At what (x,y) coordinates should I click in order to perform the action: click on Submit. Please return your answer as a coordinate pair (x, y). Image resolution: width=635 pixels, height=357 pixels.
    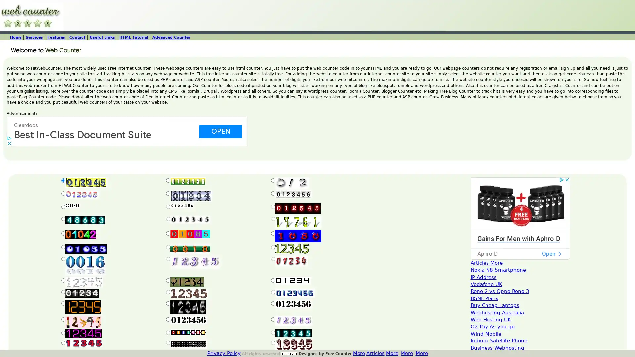
    Looking at the image, I should click on (188, 307).